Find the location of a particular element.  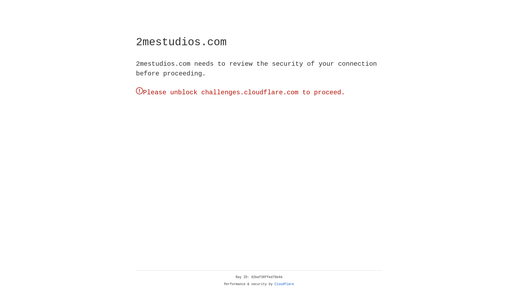

'Cloudflare' is located at coordinates (274, 284).